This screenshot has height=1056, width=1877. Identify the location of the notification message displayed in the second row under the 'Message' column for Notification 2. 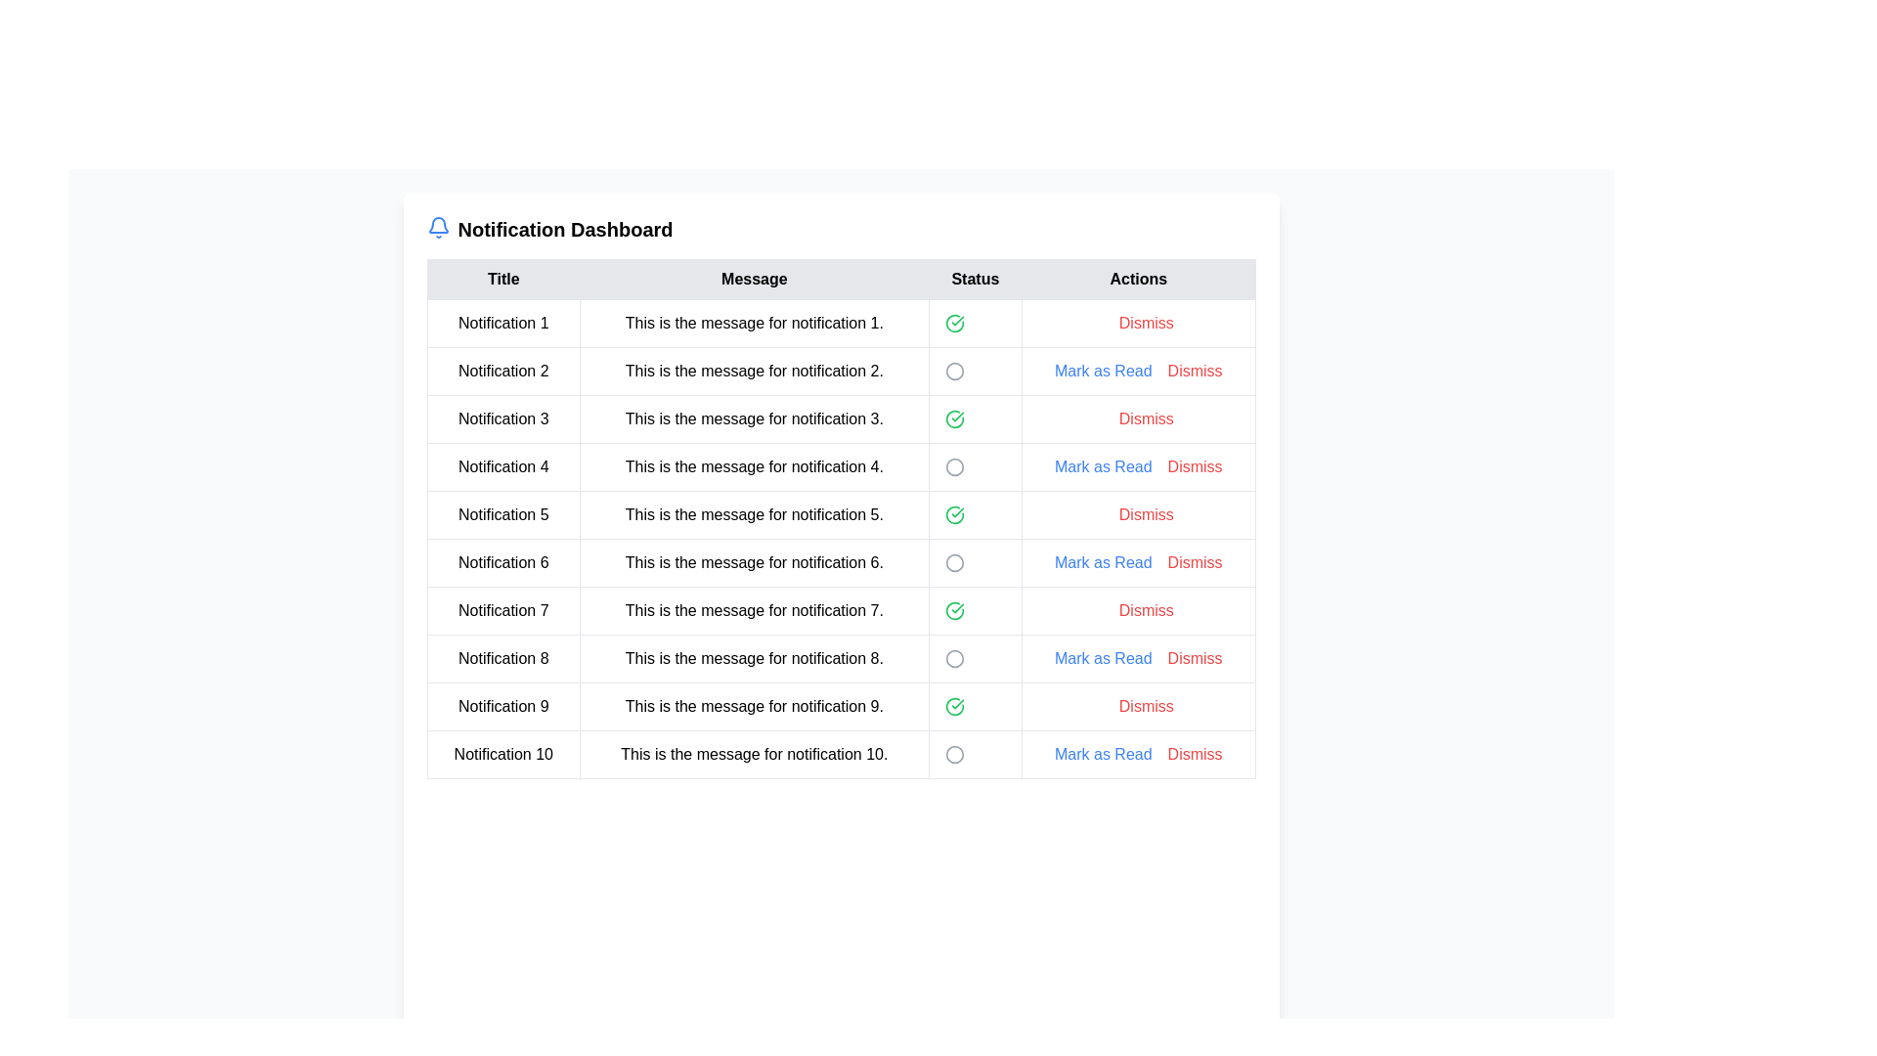
(753, 372).